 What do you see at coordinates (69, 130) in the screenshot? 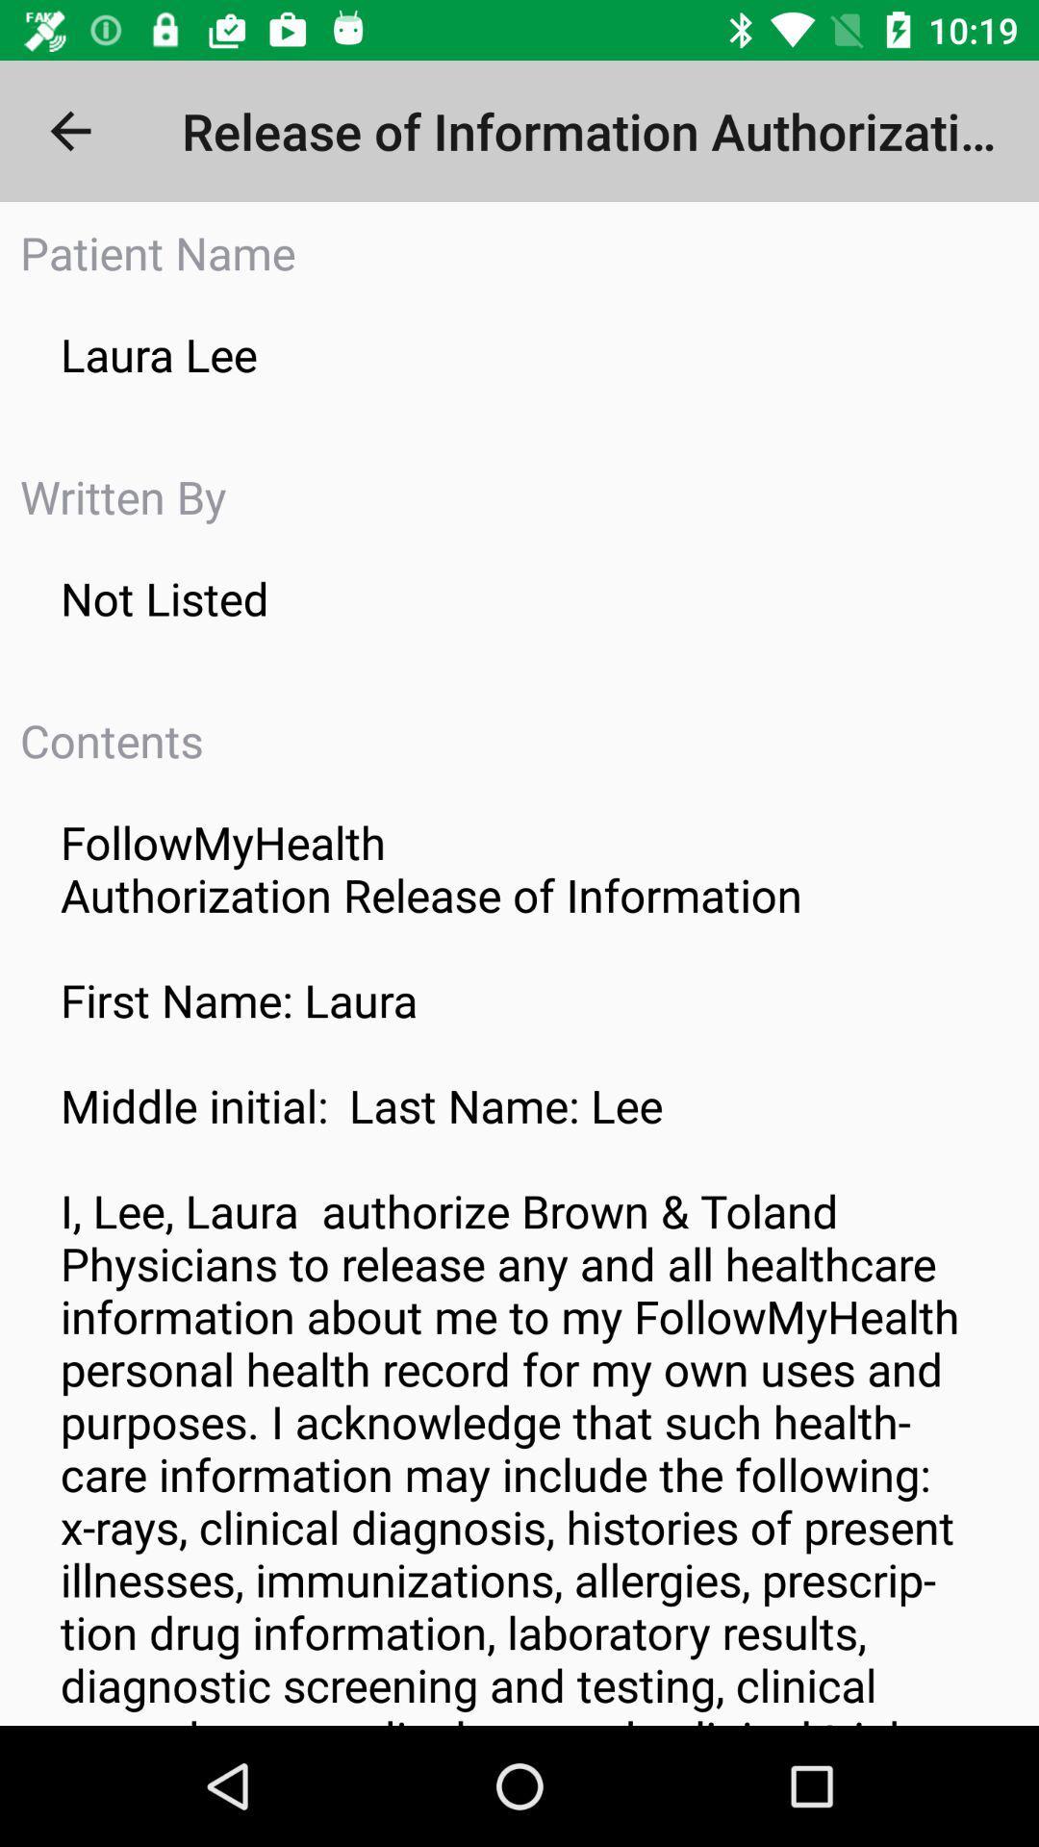
I see `item above the patient name icon` at bounding box center [69, 130].